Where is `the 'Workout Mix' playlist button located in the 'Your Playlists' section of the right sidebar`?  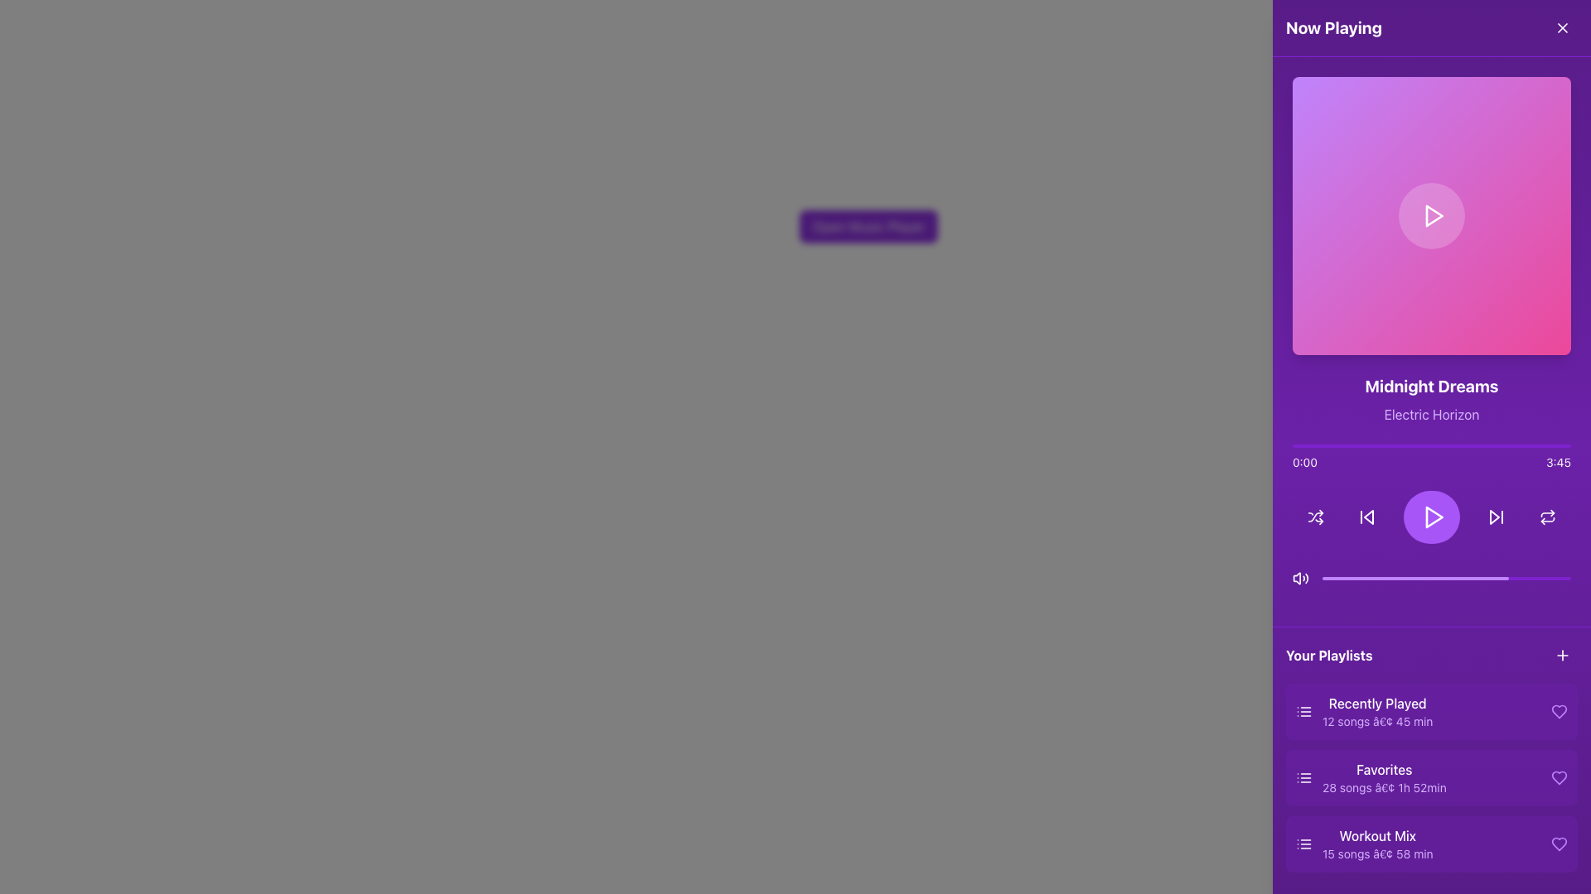 the 'Workout Mix' playlist button located in the 'Your Playlists' section of the right sidebar is located at coordinates (1364, 844).